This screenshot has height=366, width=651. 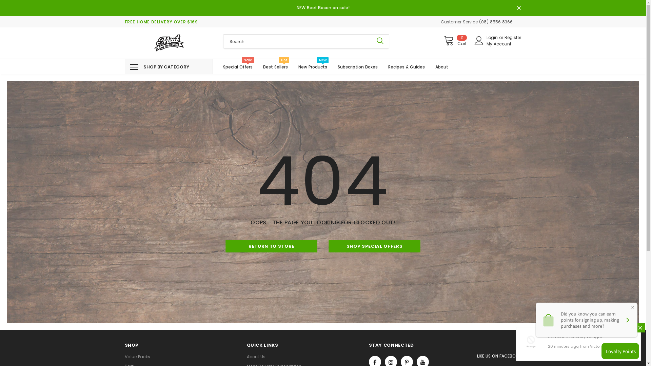 What do you see at coordinates (493, 37) in the screenshot?
I see `'Login'` at bounding box center [493, 37].